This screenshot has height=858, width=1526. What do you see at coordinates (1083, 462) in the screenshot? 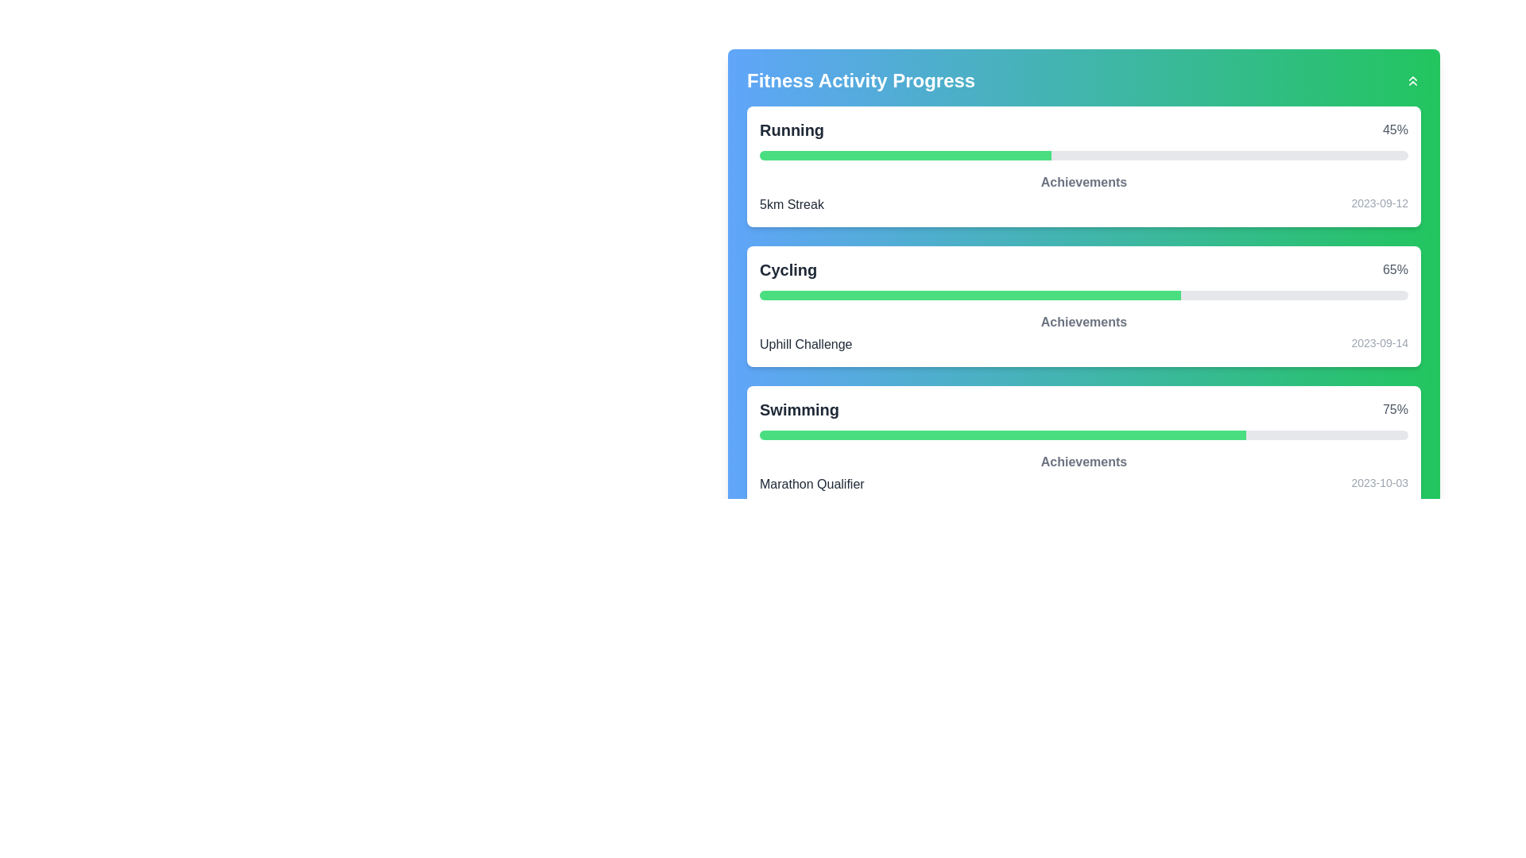
I see `the 'Achievements' static text label, which is displayed in bold gray font, located in the 'Swimming' section, below the progress bar and above 'Marathon Qualifier'` at bounding box center [1083, 462].